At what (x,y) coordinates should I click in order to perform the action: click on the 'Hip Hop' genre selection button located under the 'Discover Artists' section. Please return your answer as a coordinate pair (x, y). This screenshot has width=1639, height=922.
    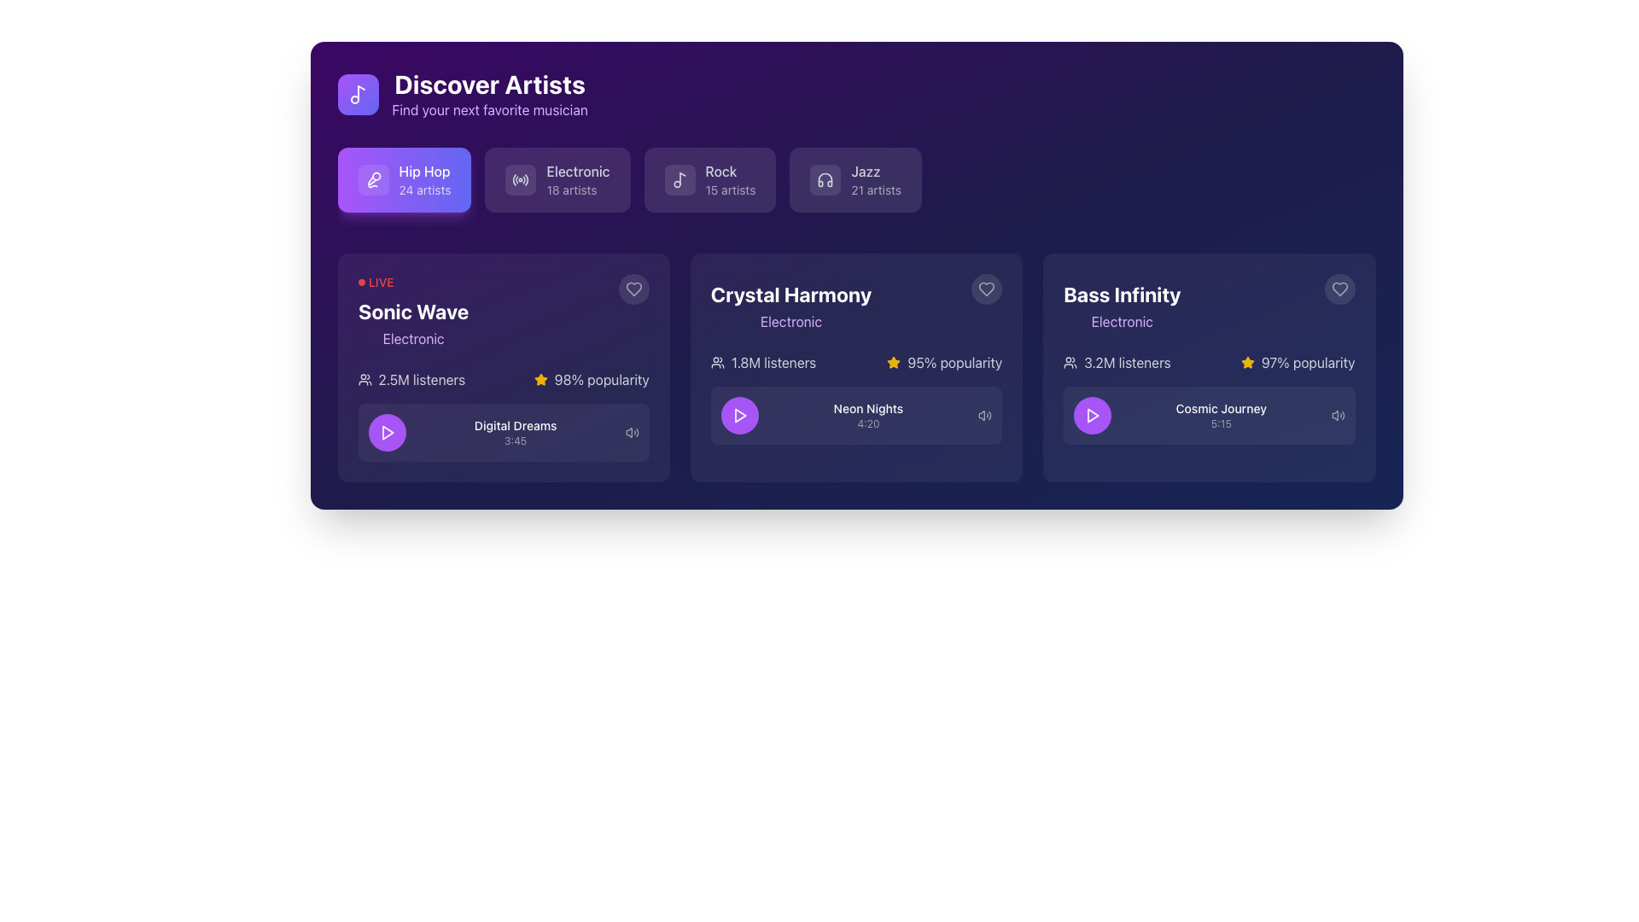
    Looking at the image, I should click on (404, 180).